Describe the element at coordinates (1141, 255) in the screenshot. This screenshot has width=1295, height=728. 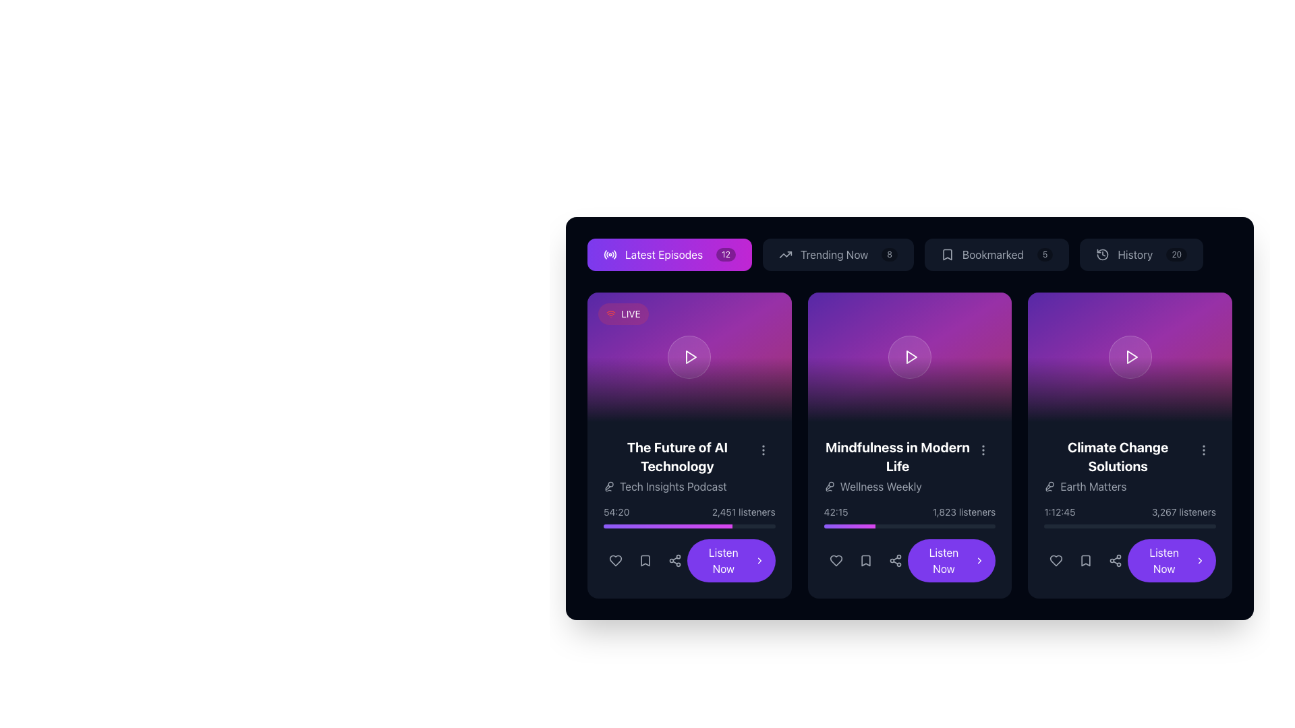
I see `the 'History' button located in the top navigation bar on the far right, identifiable by its dark gray background and clock icon on the left` at that location.